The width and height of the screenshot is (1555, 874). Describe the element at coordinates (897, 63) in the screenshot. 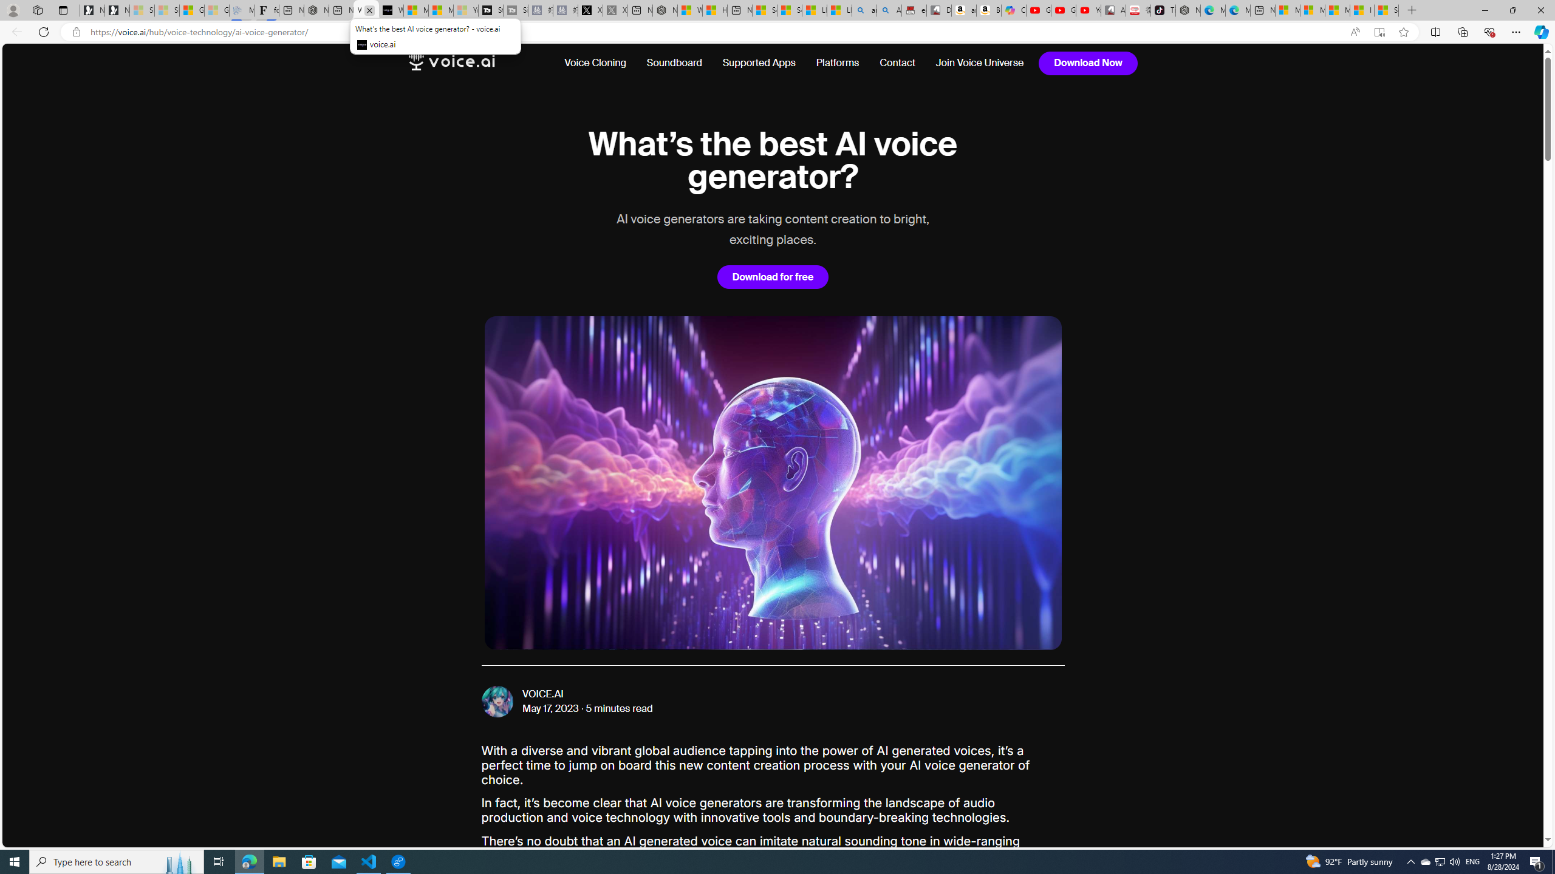

I see `'Contact'` at that location.